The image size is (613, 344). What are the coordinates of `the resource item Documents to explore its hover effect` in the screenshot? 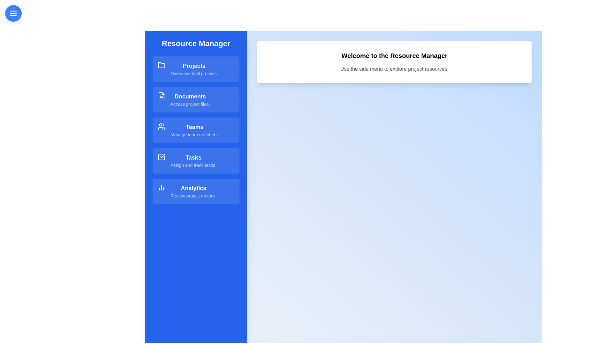 It's located at (196, 99).